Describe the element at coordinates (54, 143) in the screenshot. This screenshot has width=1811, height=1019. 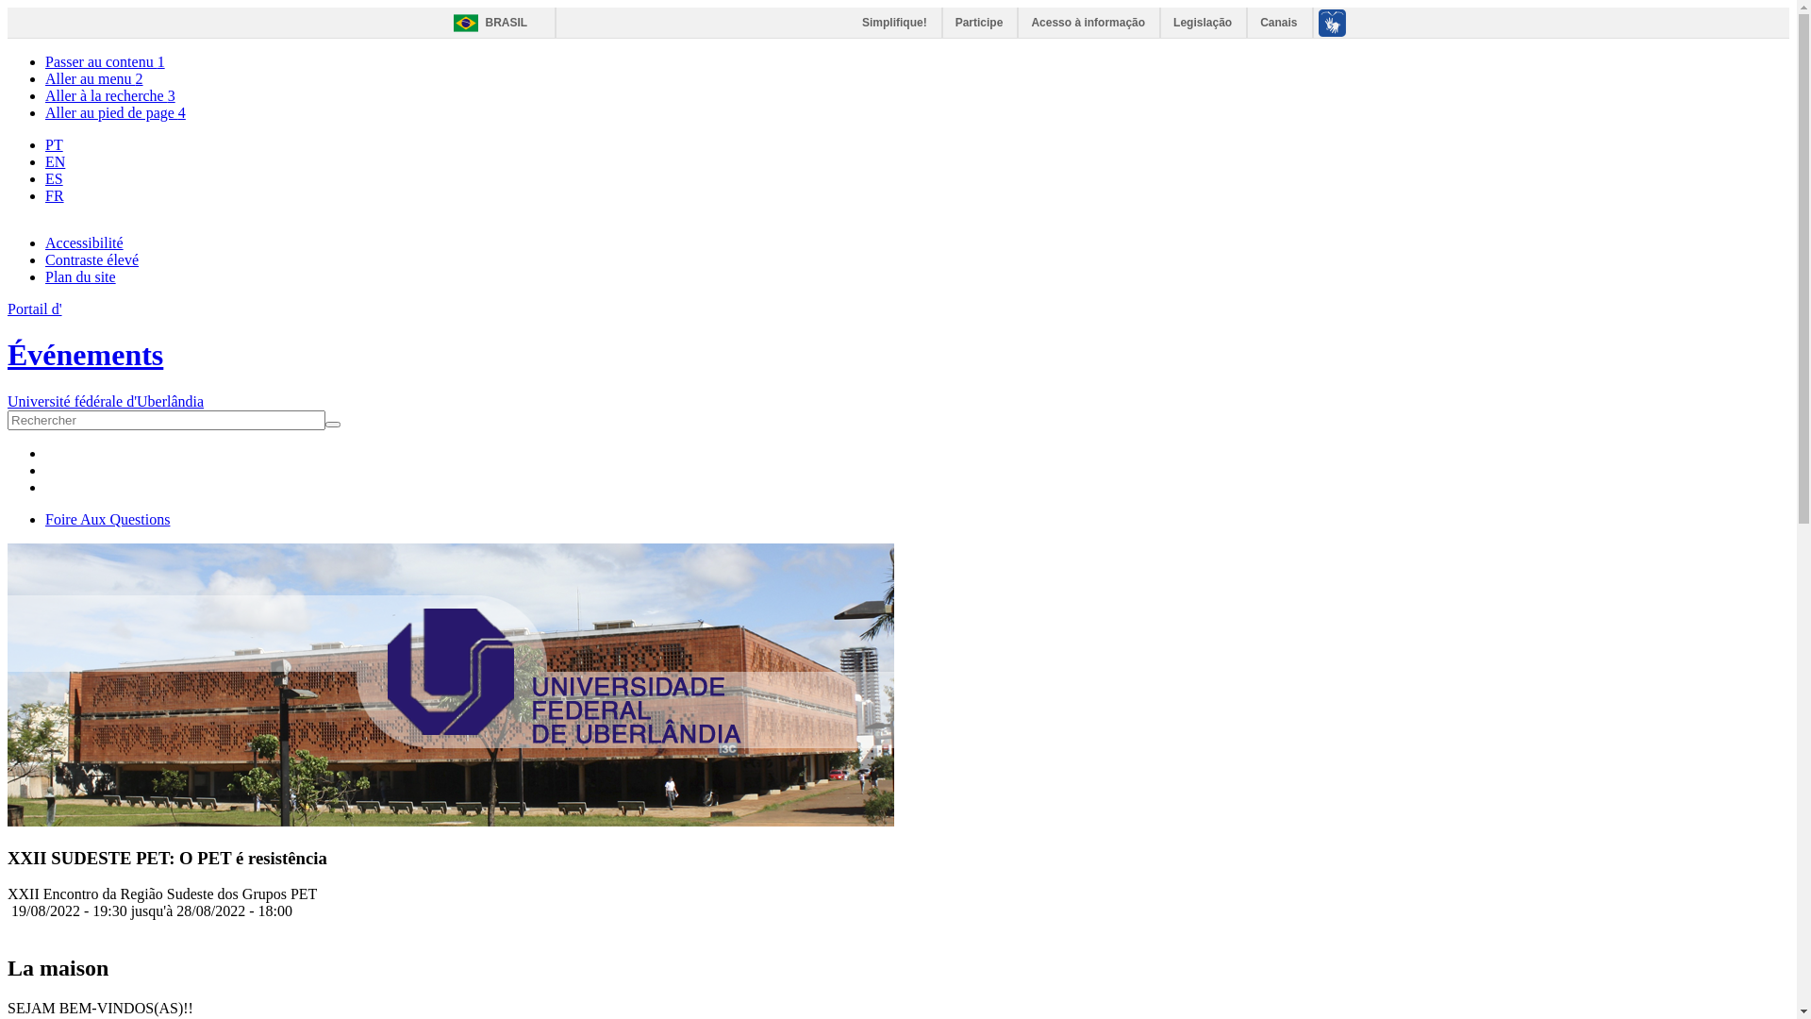
I see `'PT'` at that location.